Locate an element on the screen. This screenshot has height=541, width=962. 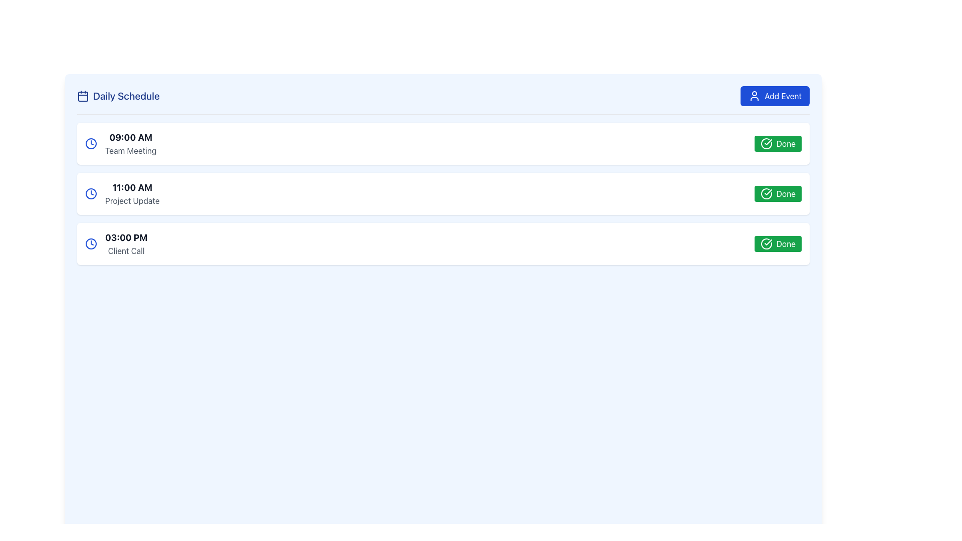
the List Item Entry containing the bold primary text '09:00 AM' and the secondary text 'Team Meeting' is located at coordinates (120, 143).